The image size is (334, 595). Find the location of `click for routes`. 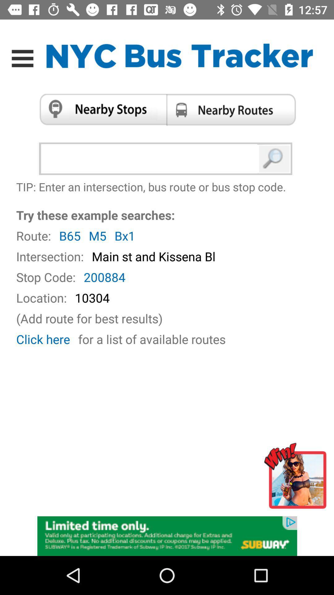

click for routes is located at coordinates (233, 109).